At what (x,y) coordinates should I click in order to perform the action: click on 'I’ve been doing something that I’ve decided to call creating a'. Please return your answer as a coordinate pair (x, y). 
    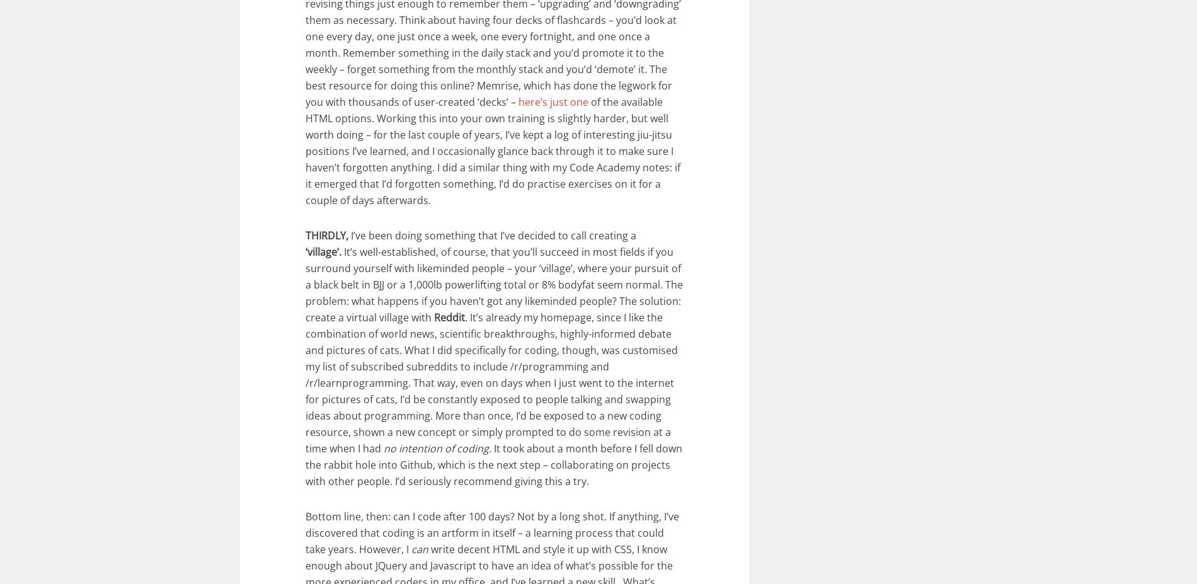
    Looking at the image, I should click on (491, 234).